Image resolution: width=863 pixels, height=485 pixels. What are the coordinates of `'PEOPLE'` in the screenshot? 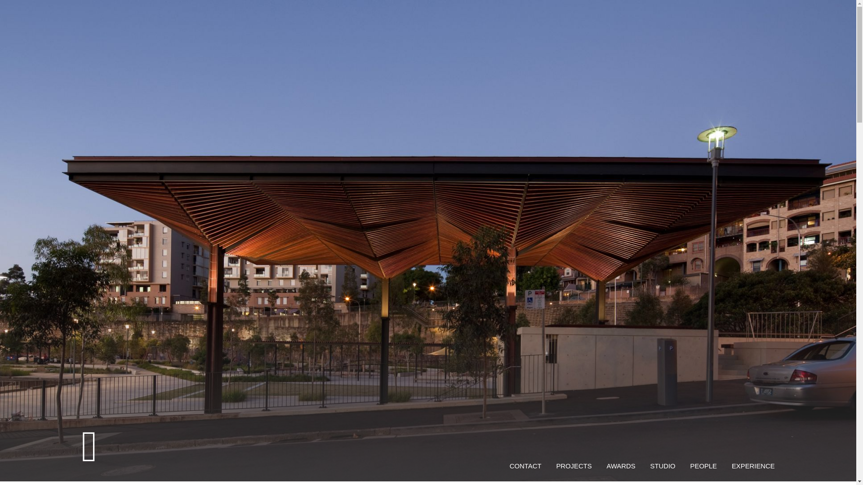 It's located at (690, 465).